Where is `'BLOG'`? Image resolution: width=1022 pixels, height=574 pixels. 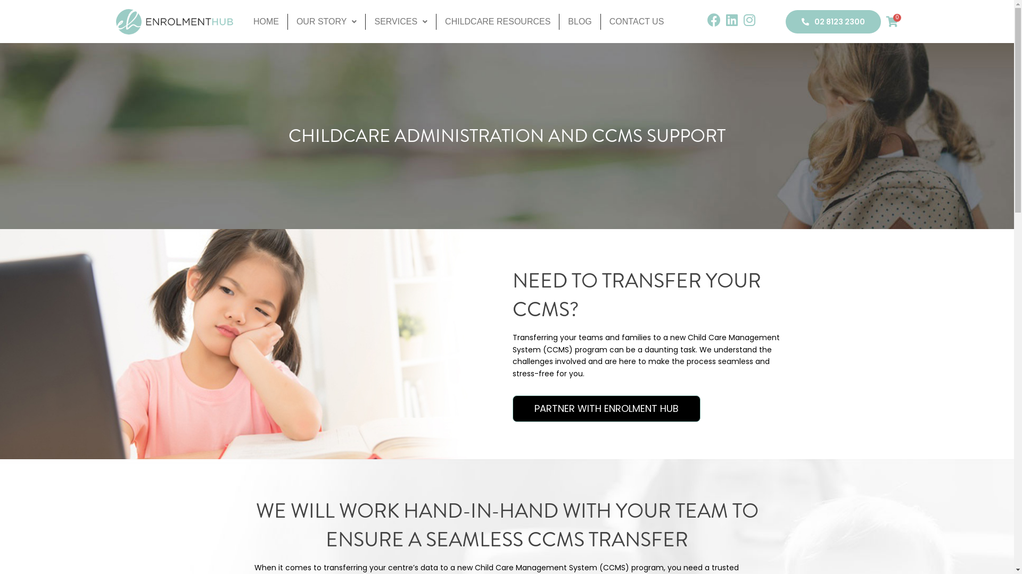 'BLOG' is located at coordinates (579, 22).